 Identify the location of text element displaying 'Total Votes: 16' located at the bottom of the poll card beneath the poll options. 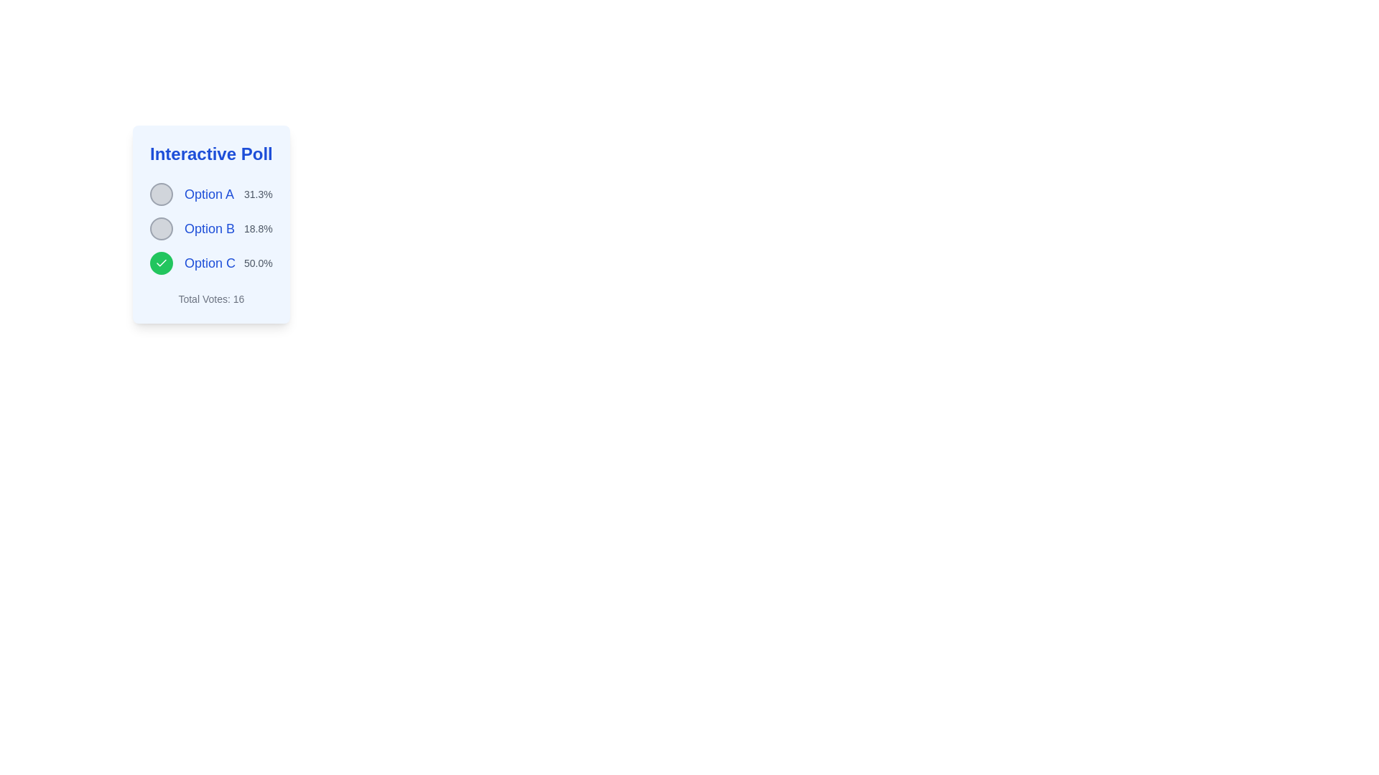
(210, 298).